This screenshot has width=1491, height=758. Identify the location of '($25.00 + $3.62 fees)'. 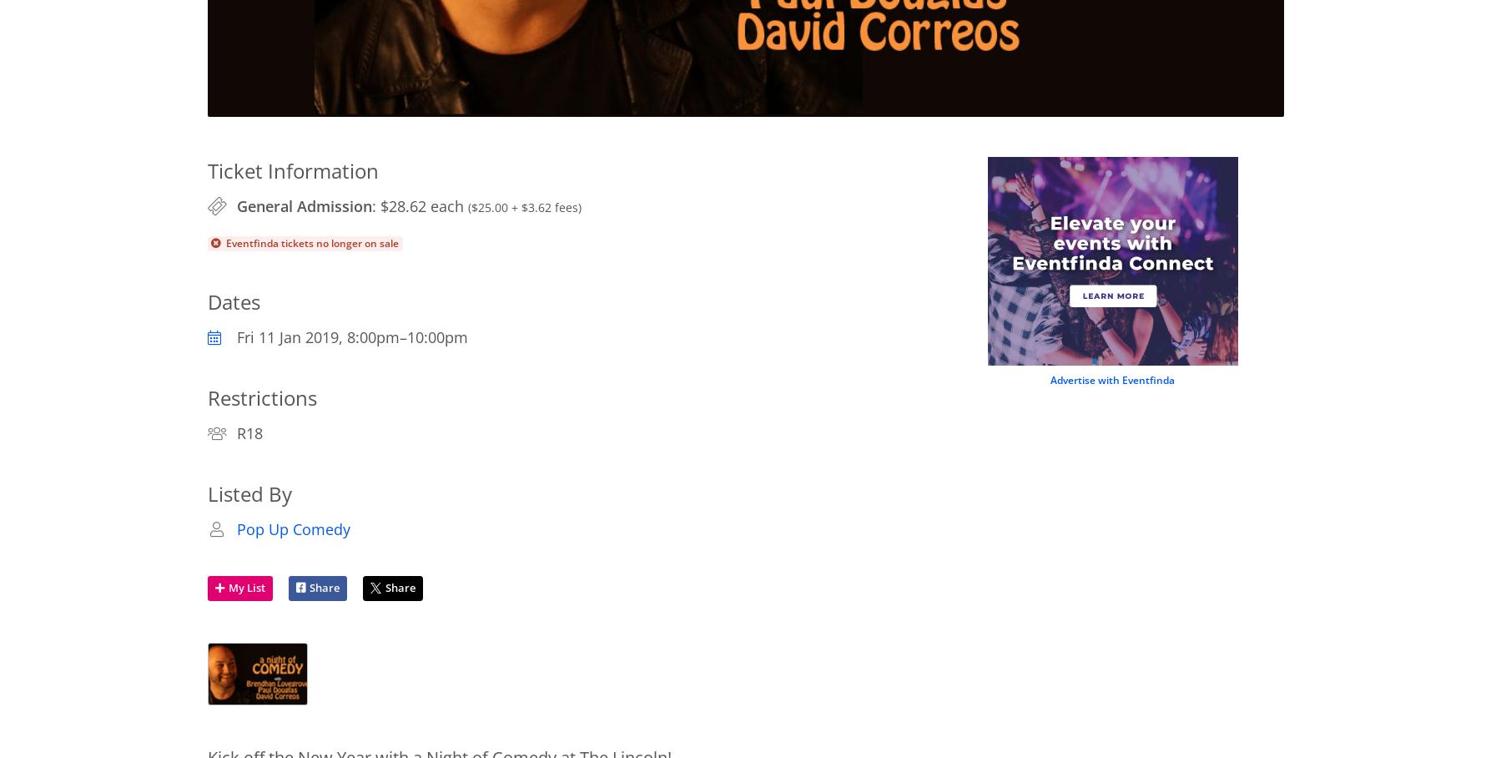
(522, 206).